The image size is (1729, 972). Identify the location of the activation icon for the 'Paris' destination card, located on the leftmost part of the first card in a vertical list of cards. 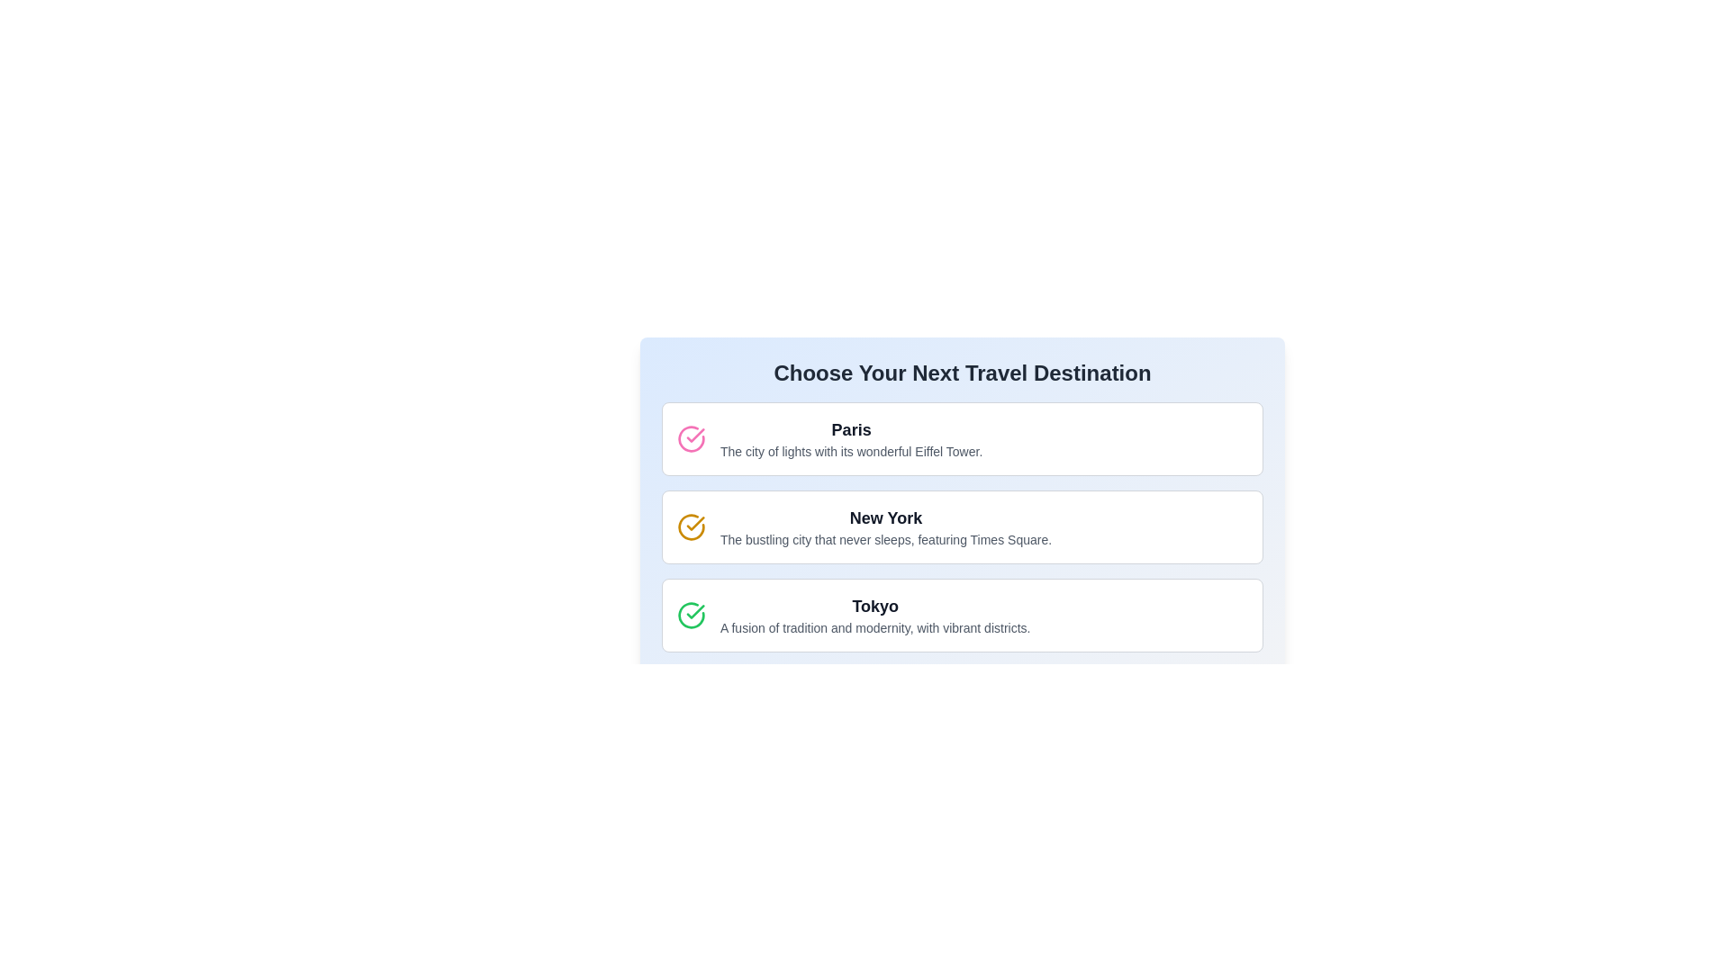
(691, 439).